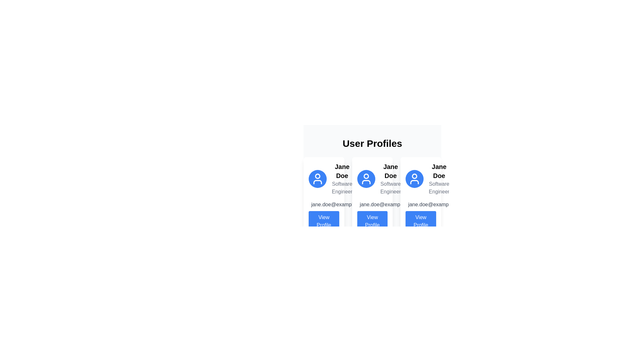 The width and height of the screenshot is (618, 347). What do you see at coordinates (439, 179) in the screenshot?
I see `the text block displaying the name and job title of an individual, located at the far right of the user profiles section` at bounding box center [439, 179].